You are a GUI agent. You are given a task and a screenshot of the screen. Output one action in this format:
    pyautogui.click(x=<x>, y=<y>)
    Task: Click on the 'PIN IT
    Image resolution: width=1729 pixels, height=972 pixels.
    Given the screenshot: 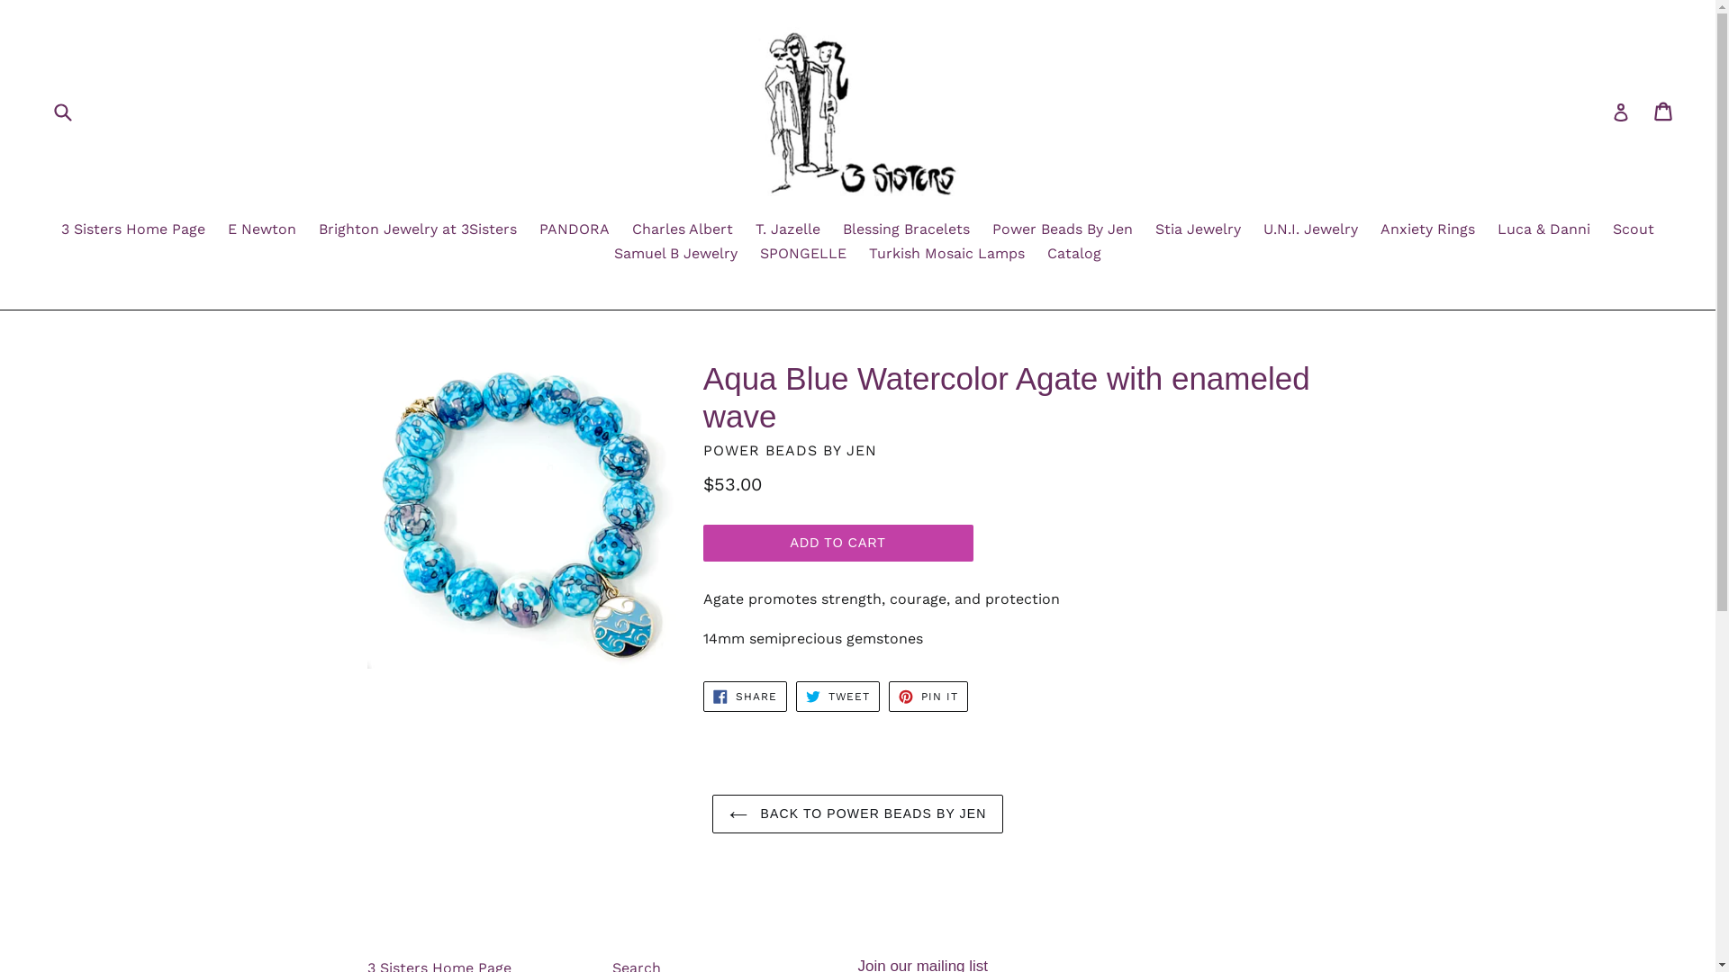 What is the action you would take?
    pyautogui.click(x=928, y=696)
    